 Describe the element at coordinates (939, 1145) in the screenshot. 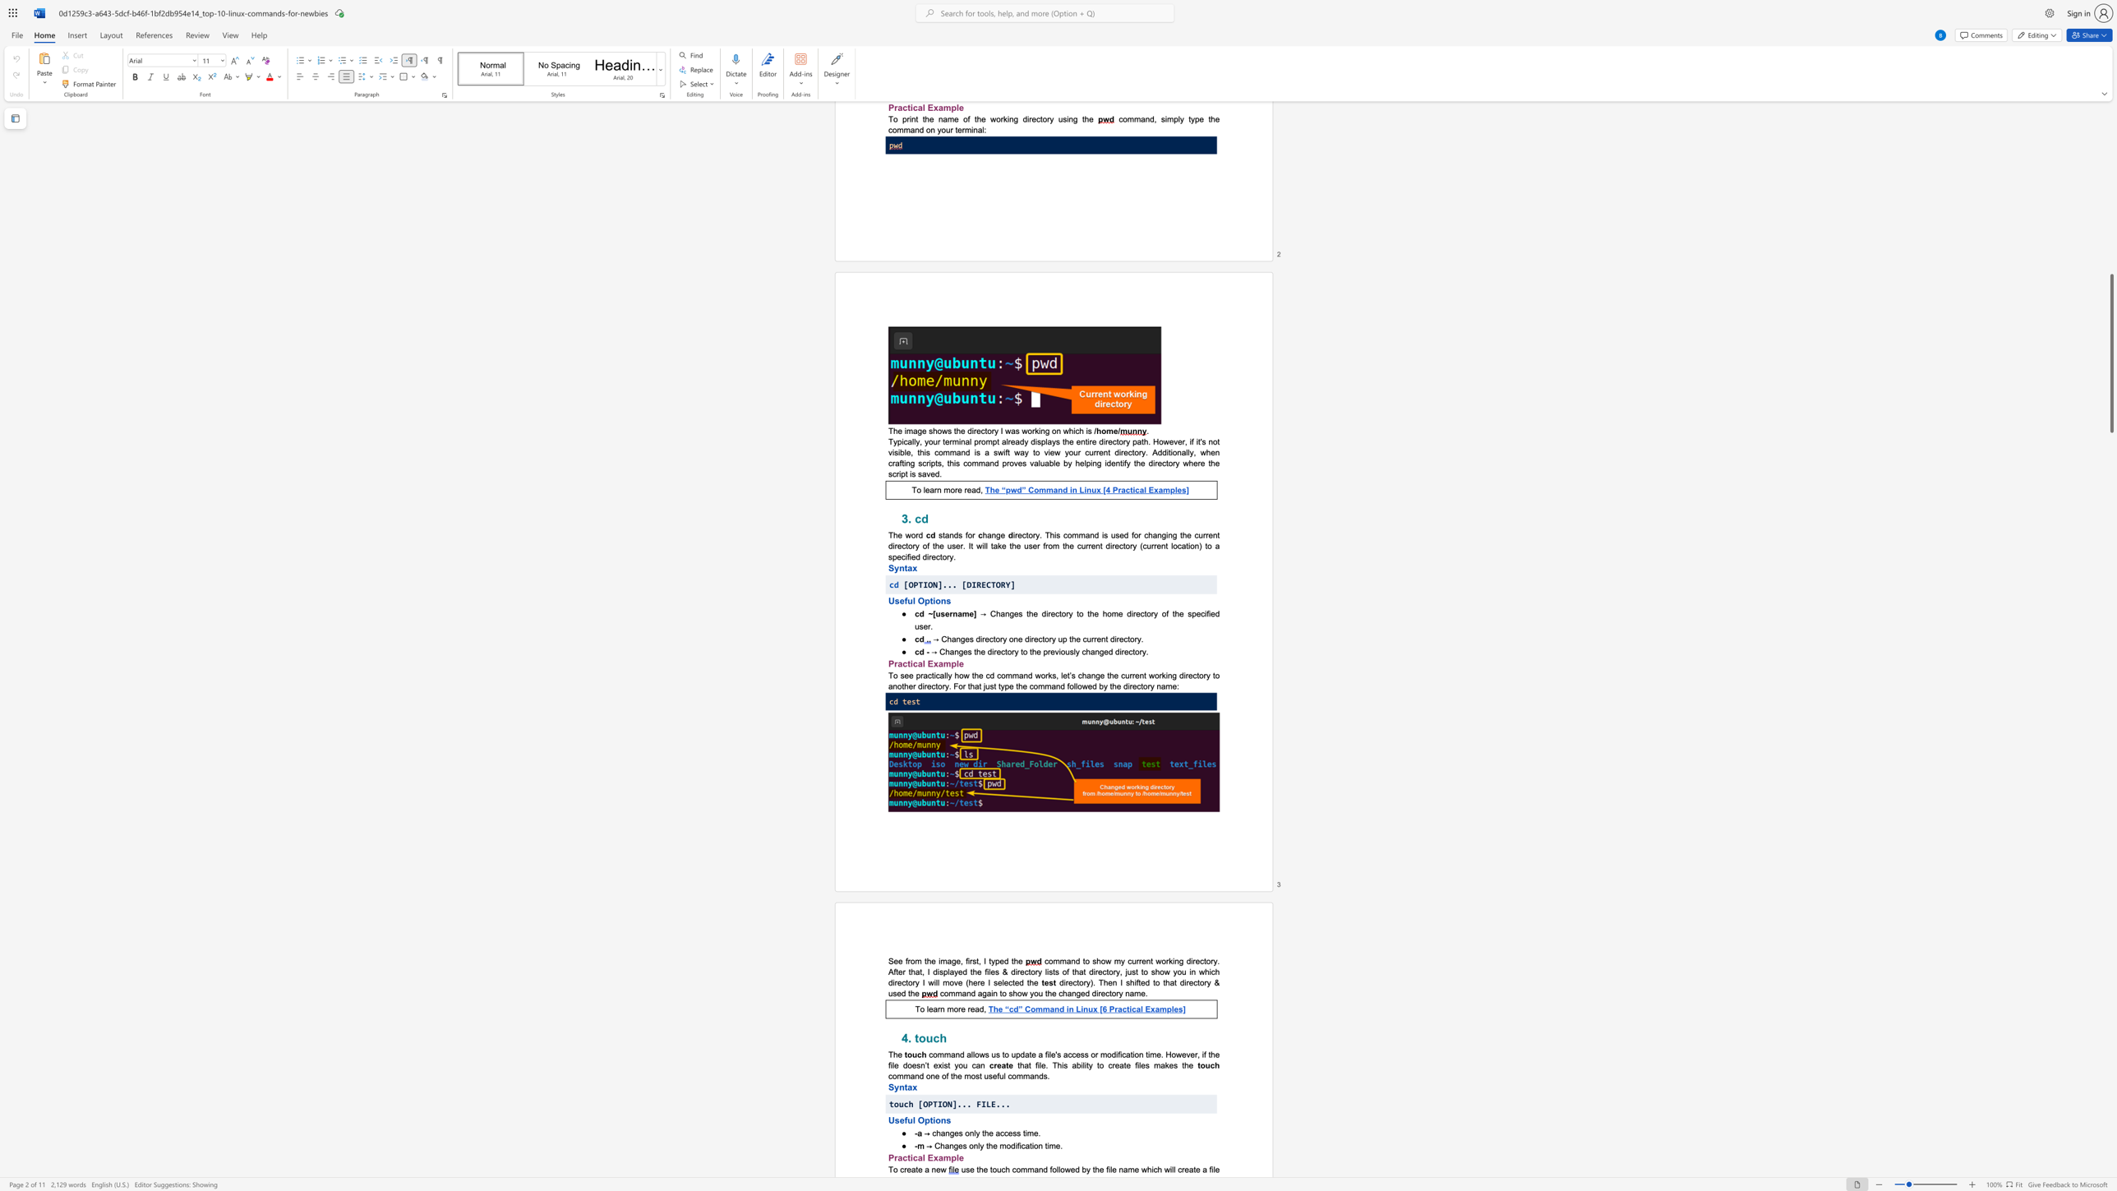

I see `the subset text "hanges only the" within the text "Changes only the modification time."` at that location.